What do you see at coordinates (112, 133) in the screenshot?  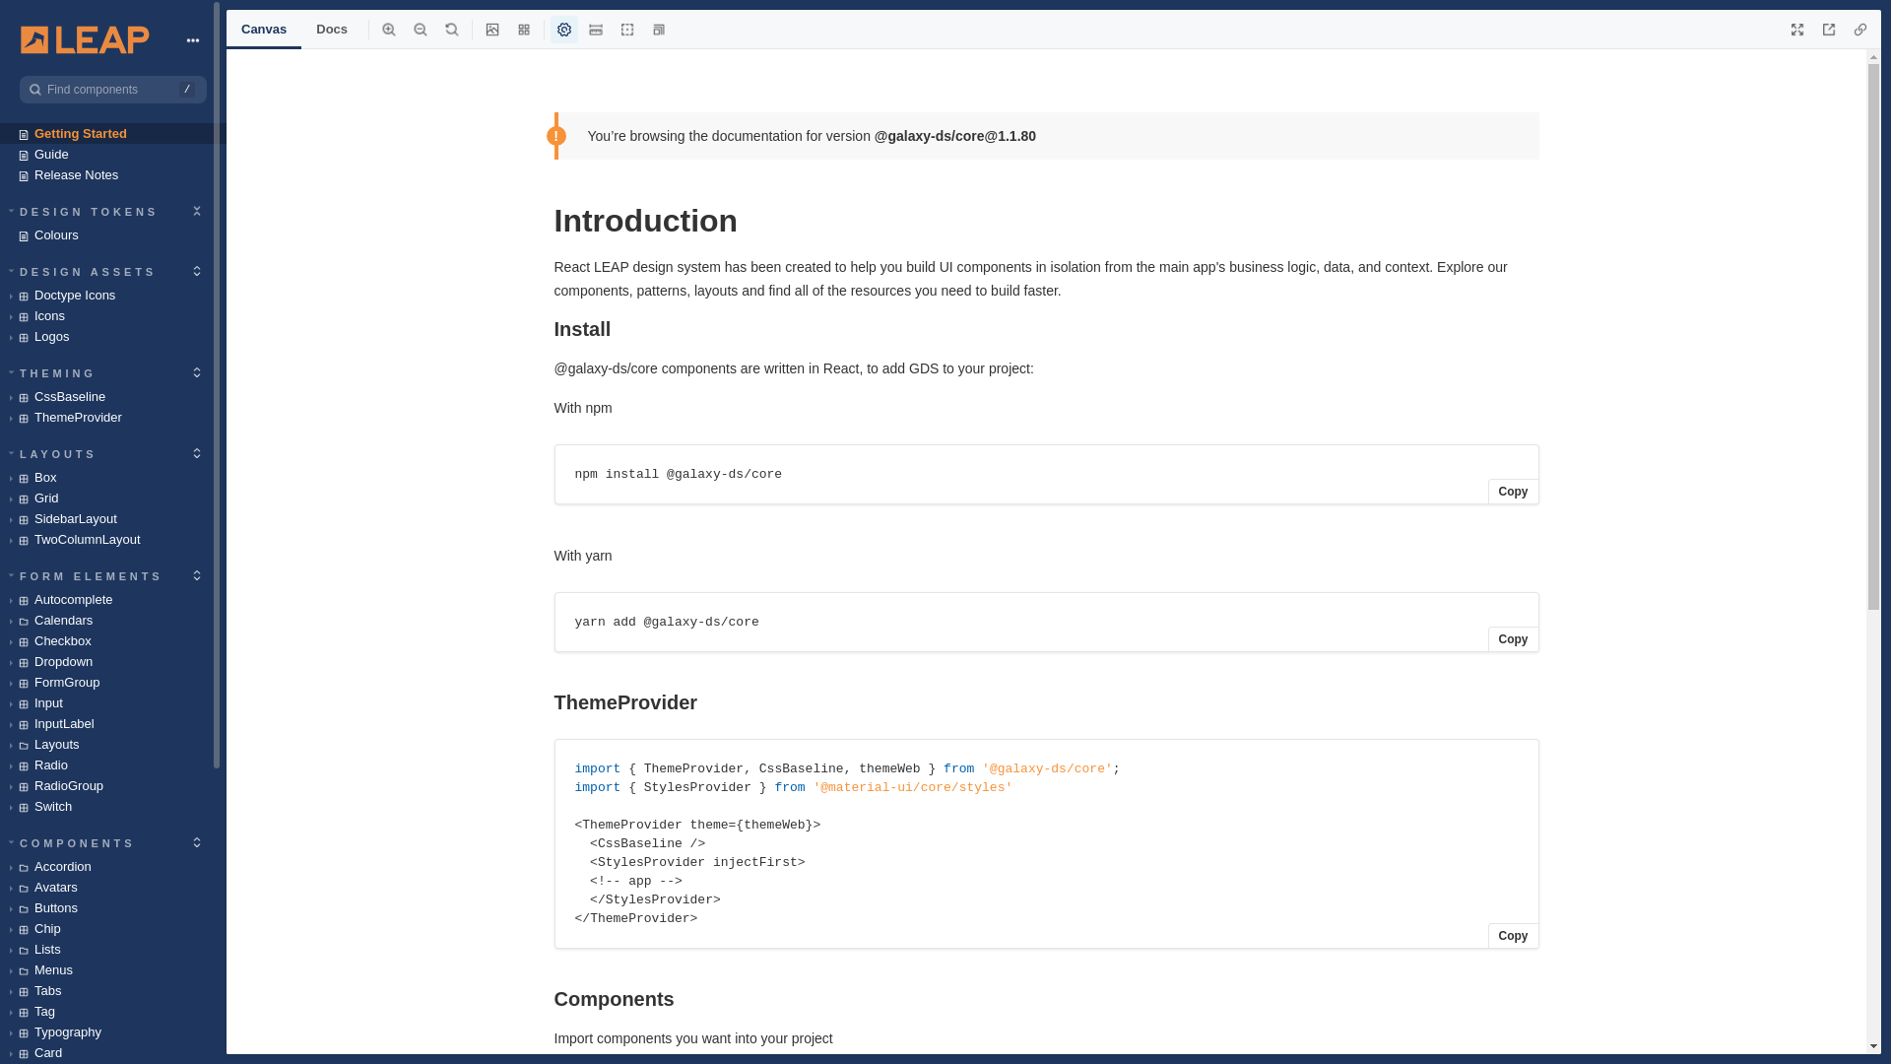 I see `'Getting Started'` at bounding box center [112, 133].